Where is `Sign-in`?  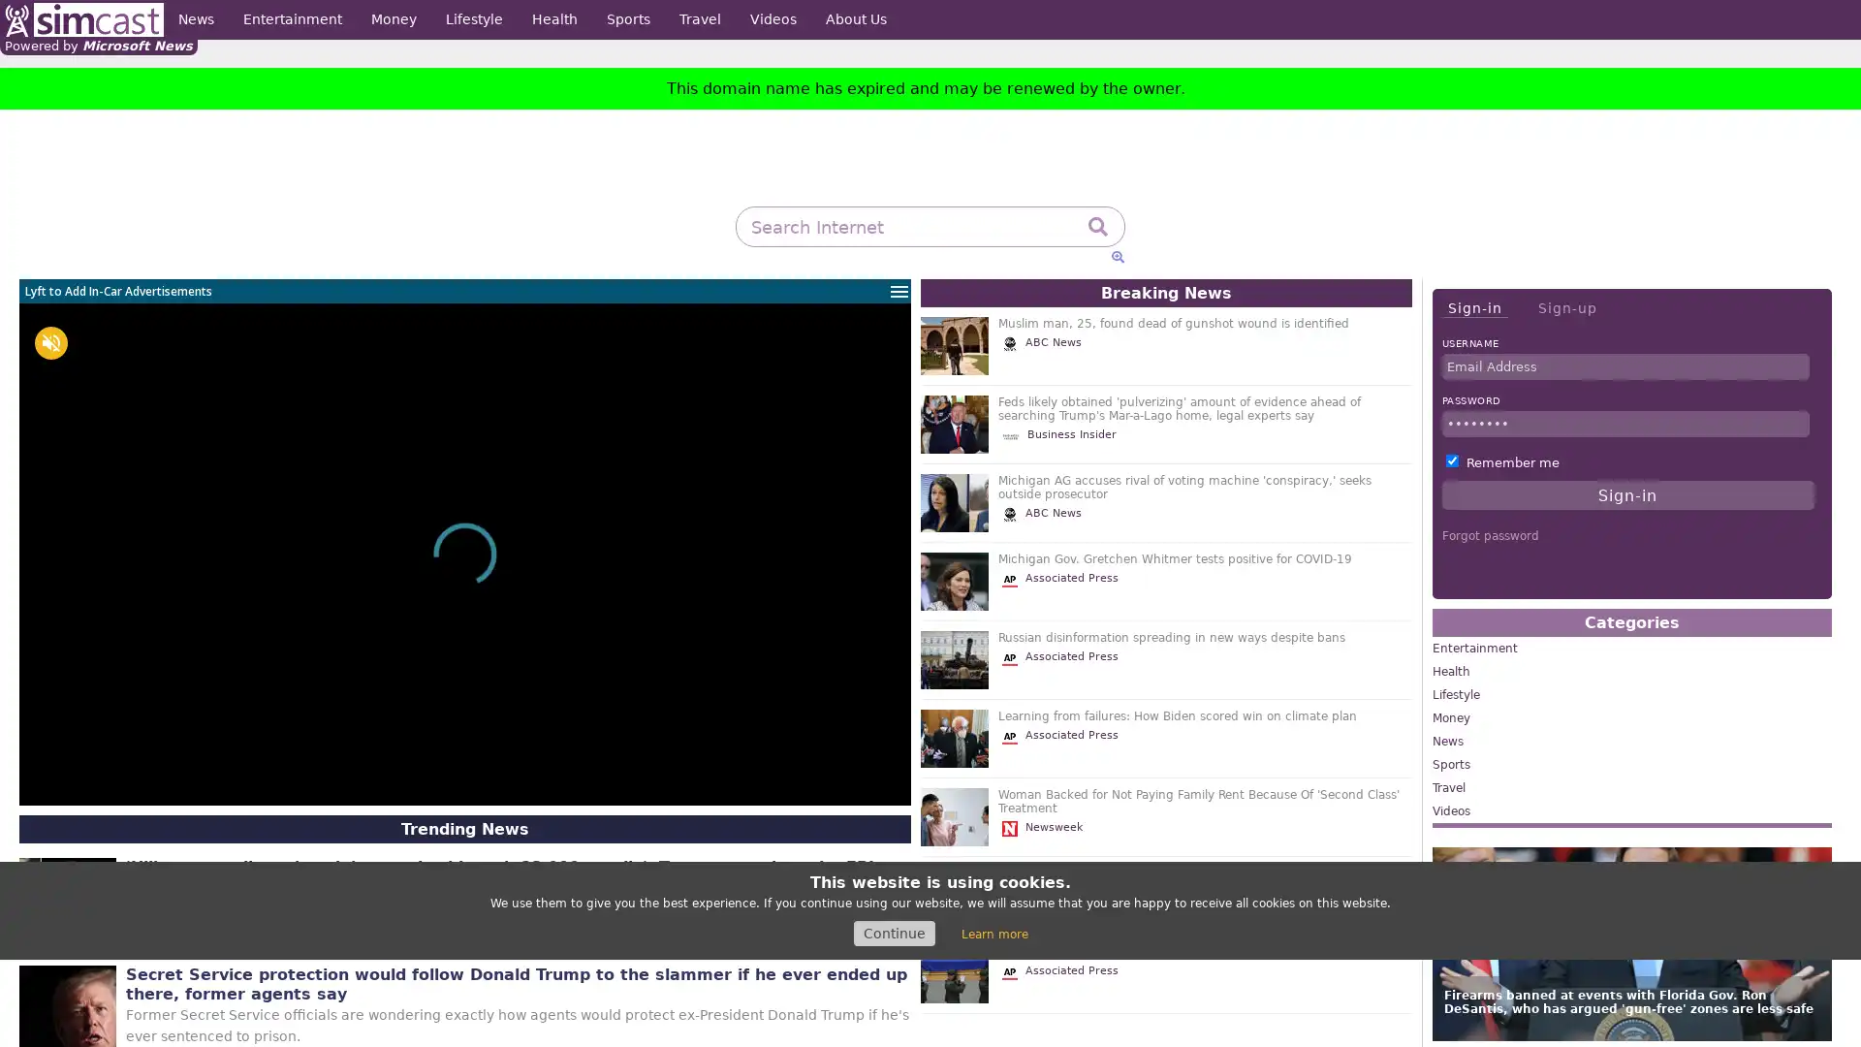 Sign-in is located at coordinates (1627, 493).